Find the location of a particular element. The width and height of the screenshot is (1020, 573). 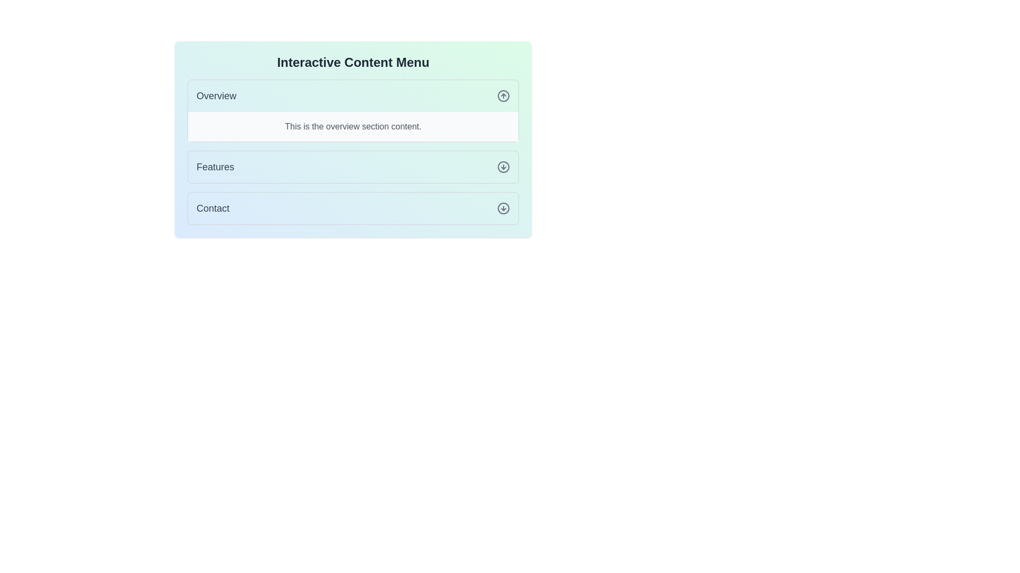

the 'Contact' button in the vertical list is located at coordinates (353, 209).